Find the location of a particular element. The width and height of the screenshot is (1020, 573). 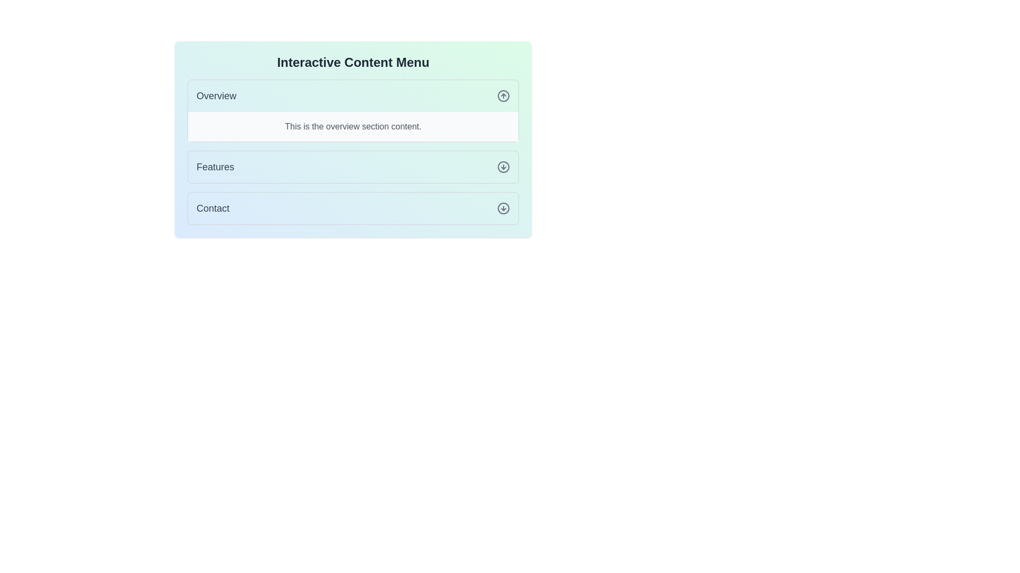

the 'Contact' button in the vertical list is located at coordinates (353, 209).